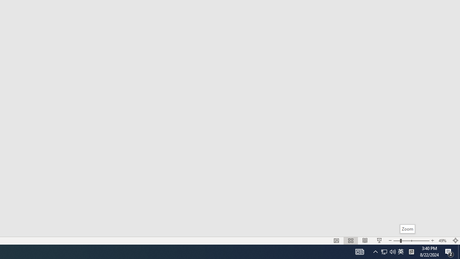 The width and height of the screenshot is (460, 259). What do you see at coordinates (443, 241) in the screenshot?
I see `'Zoom 49%'` at bounding box center [443, 241].